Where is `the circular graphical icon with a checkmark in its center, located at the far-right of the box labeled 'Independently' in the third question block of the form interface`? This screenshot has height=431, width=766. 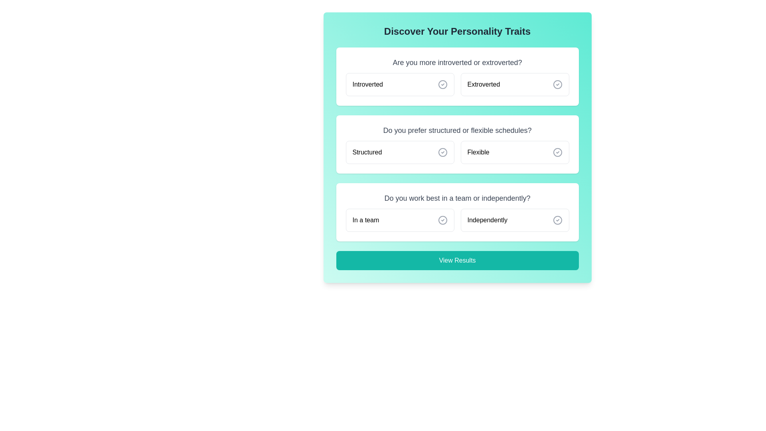
the circular graphical icon with a checkmark in its center, located at the far-right of the box labeled 'Independently' in the third question block of the form interface is located at coordinates (557, 220).